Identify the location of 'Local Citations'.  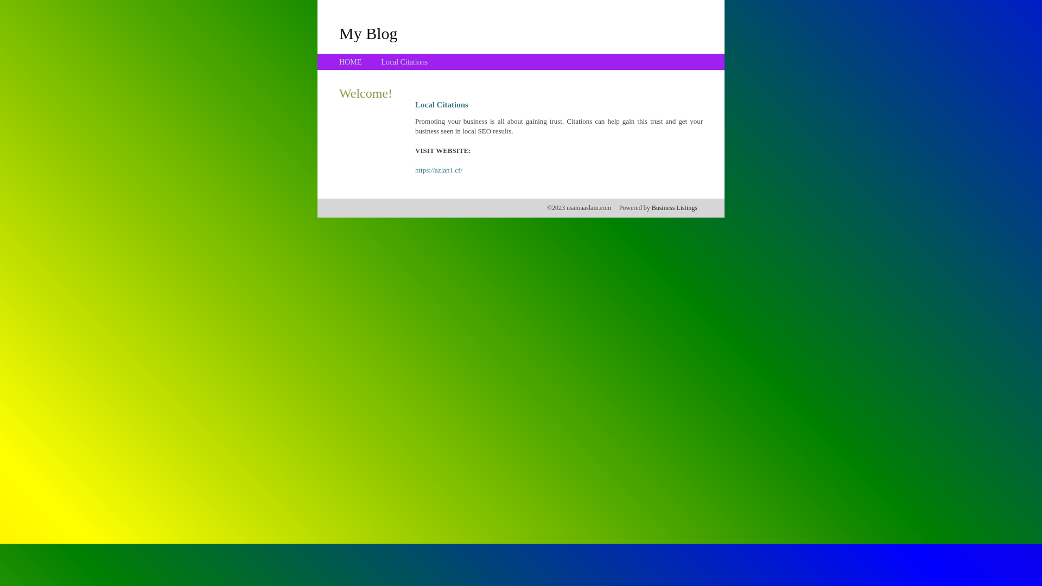
(403, 62).